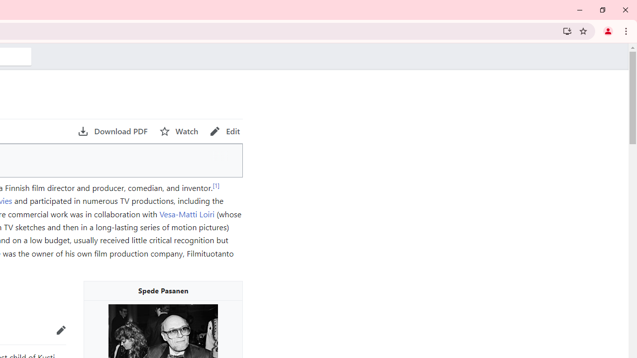  Describe the element at coordinates (224, 131) in the screenshot. I see `'AutomationID: page-actions-edit'` at that location.